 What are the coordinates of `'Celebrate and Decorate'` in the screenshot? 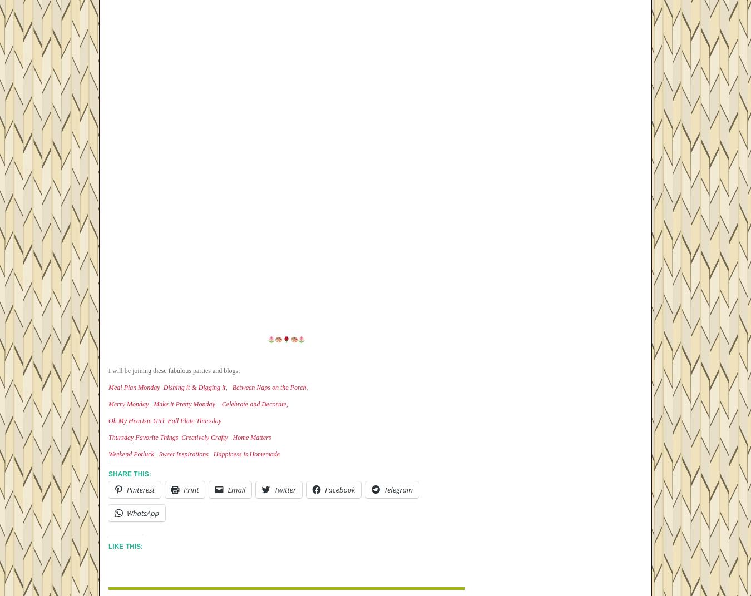 It's located at (253, 404).